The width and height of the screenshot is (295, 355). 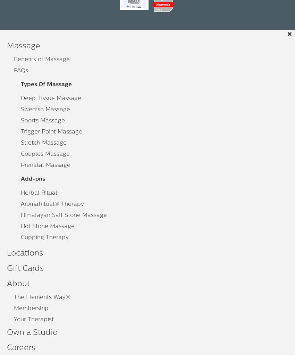 What do you see at coordinates (14, 308) in the screenshot?
I see `'Membership'` at bounding box center [14, 308].